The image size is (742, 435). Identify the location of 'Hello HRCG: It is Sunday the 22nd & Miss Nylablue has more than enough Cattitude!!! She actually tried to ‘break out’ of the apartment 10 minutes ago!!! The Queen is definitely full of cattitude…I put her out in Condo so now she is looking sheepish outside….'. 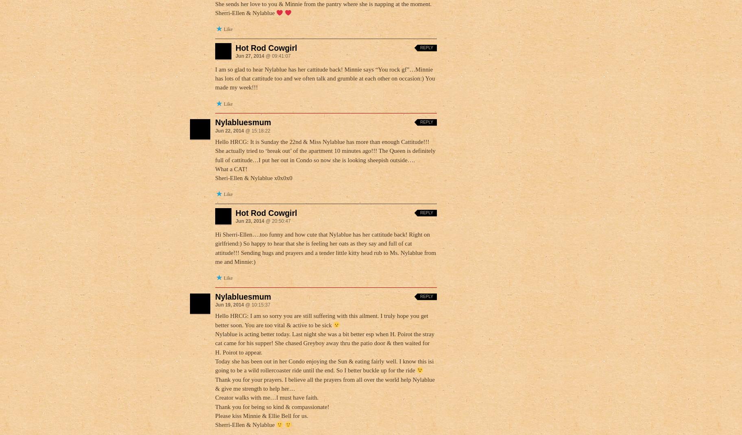
(325, 150).